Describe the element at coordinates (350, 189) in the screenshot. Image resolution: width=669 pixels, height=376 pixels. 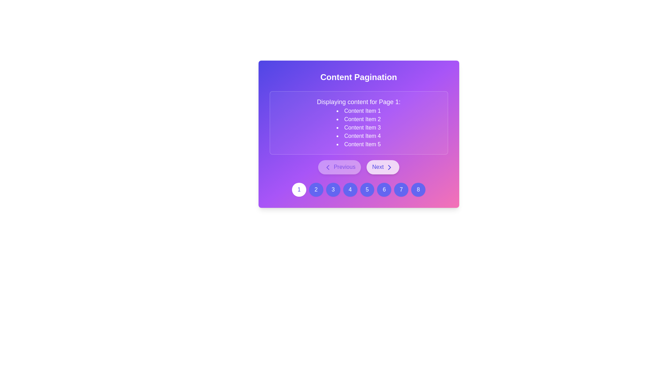
I see `the circular button displaying the number '4' on a blue background` at that location.